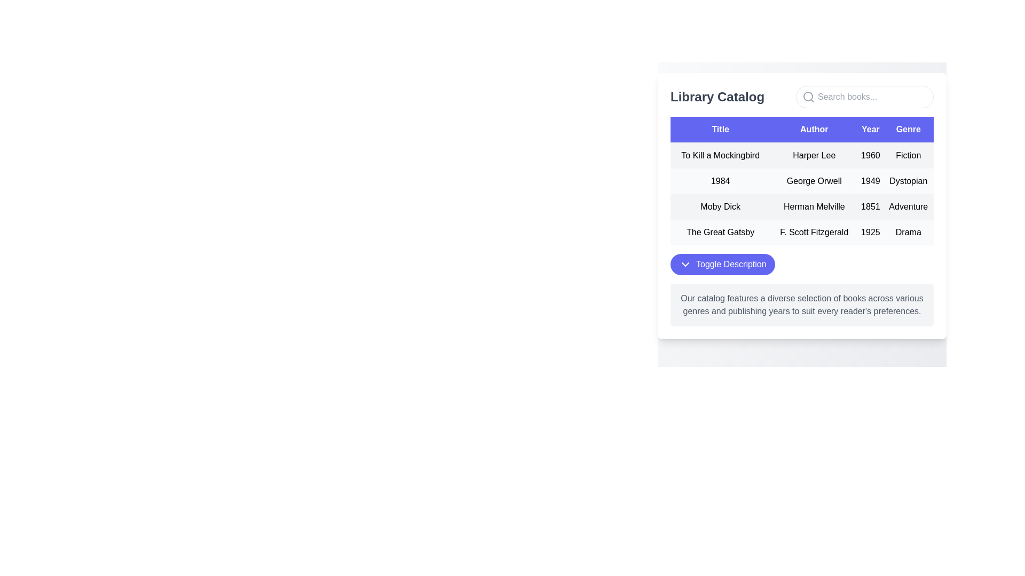 This screenshot has height=576, width=1025. I want to click on the text label displaying 'Herman Melville' in the 'Author' column of the table for the book 'Moby Dick', so click(814, 207).